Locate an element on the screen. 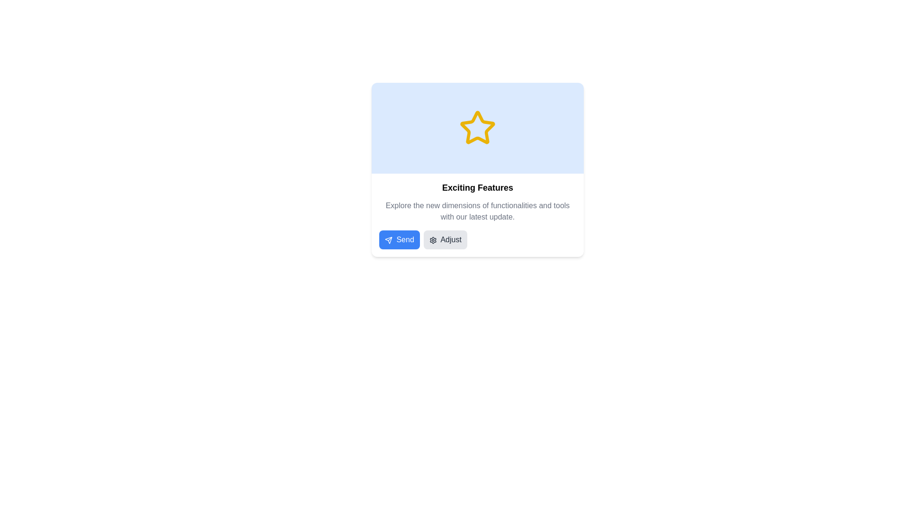 The image size is (909, 511). the Icon button located to the left of the text 'Adjust' within a gray button at the bottom center of the card titled 'Exciting Features' is located at coordinates (432, 239).